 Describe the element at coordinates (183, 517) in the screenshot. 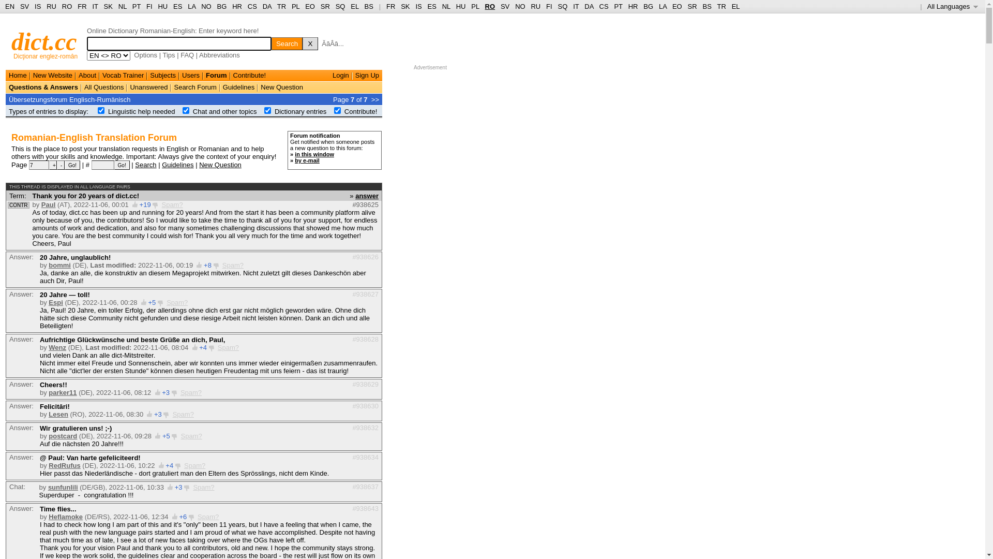

I see `'+6'` at that location.